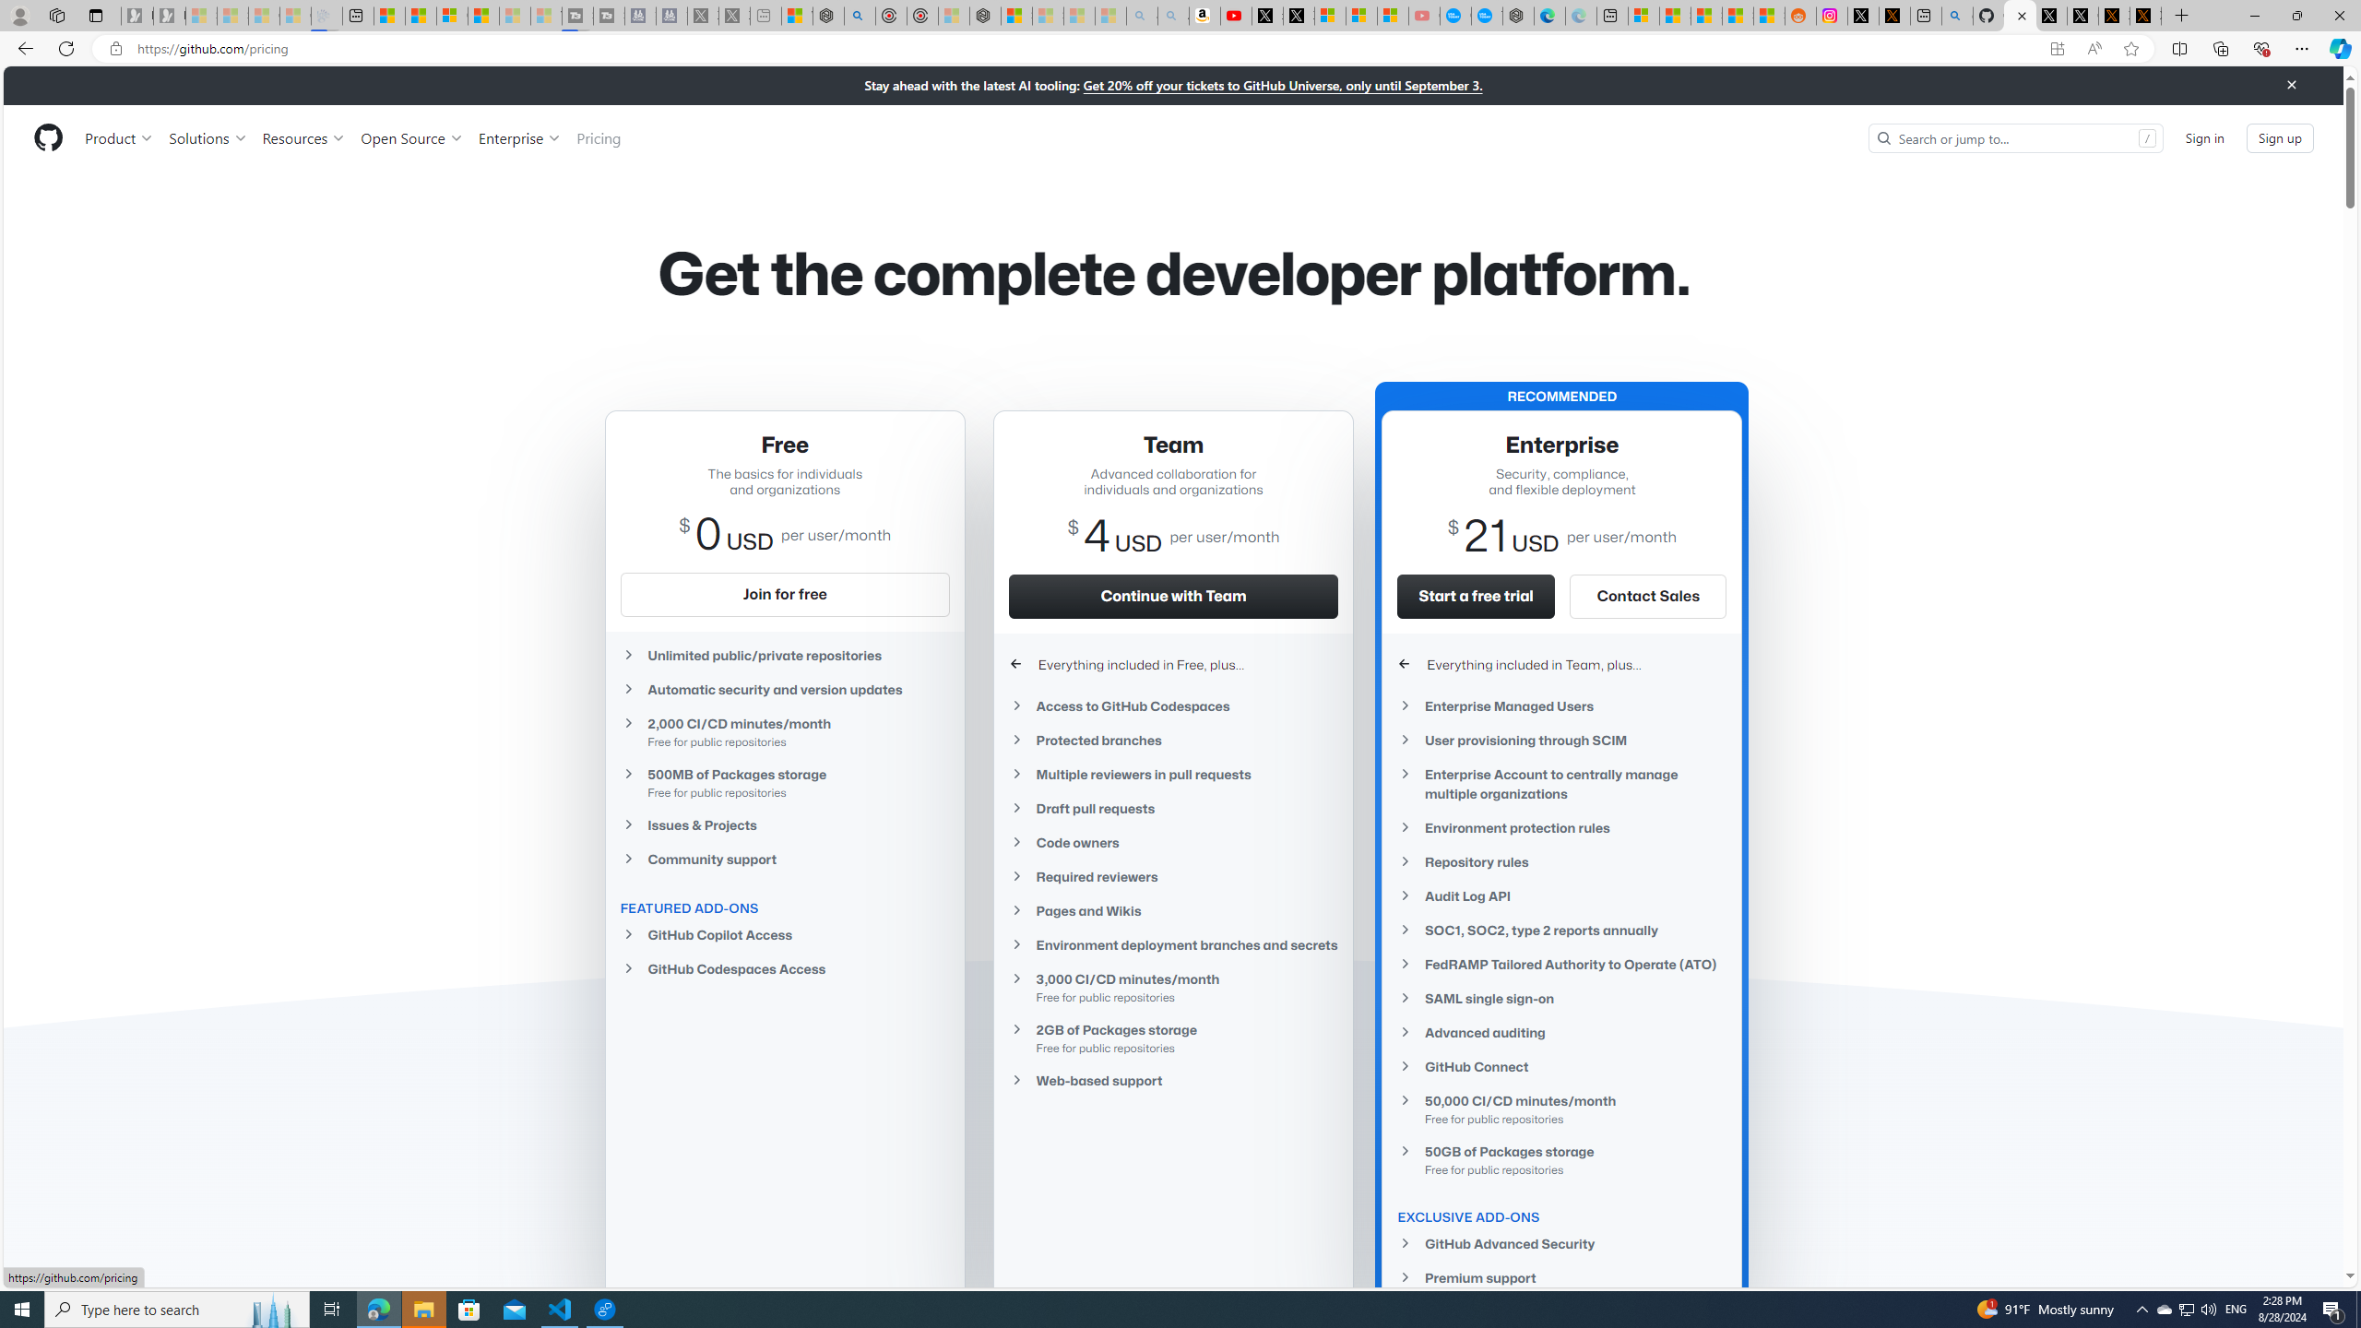 Image resolution: width=2361 pixels, height=1328 pixels. Describe the element at coordinates (1172, 945) in the screenshot. I see `'Environment deployment branches and secrets'` at that location.